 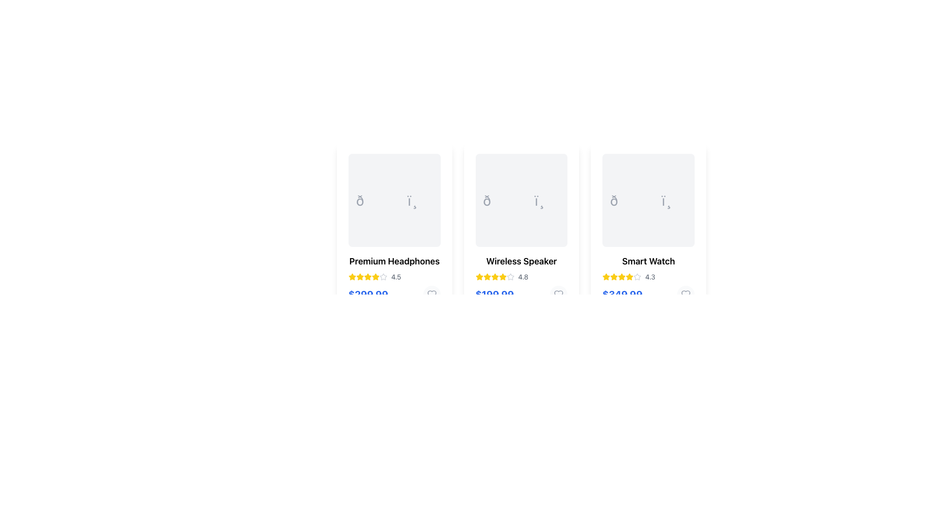 I want to click on the image placeholder for the product representation in the 'Wireless Speaker' product card, located at the upper part of the card, above the title, rating, and price, so click(x=521, y=199).